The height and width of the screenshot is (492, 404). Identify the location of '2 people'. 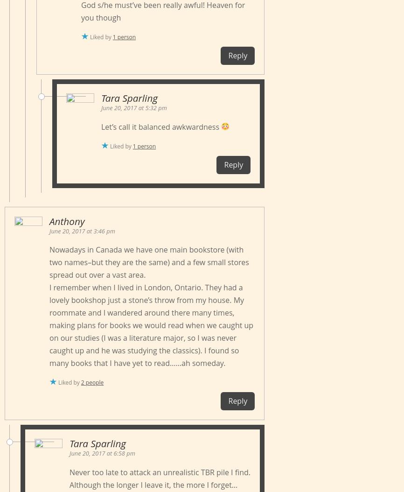
(92, 382).